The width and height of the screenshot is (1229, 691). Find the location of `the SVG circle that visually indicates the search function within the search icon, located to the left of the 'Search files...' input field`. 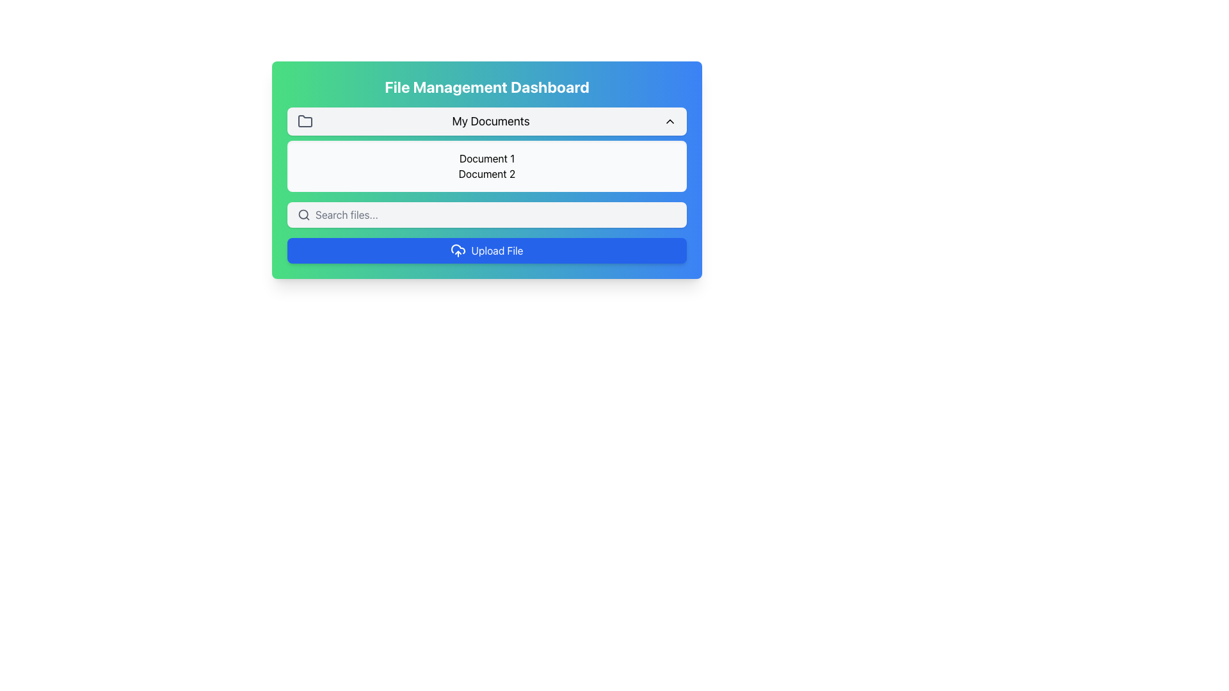

the SVG circle that visually indicates the search function within the search icon, located to the left of the 'Search files...' input field is located at coordinates (303, 214).